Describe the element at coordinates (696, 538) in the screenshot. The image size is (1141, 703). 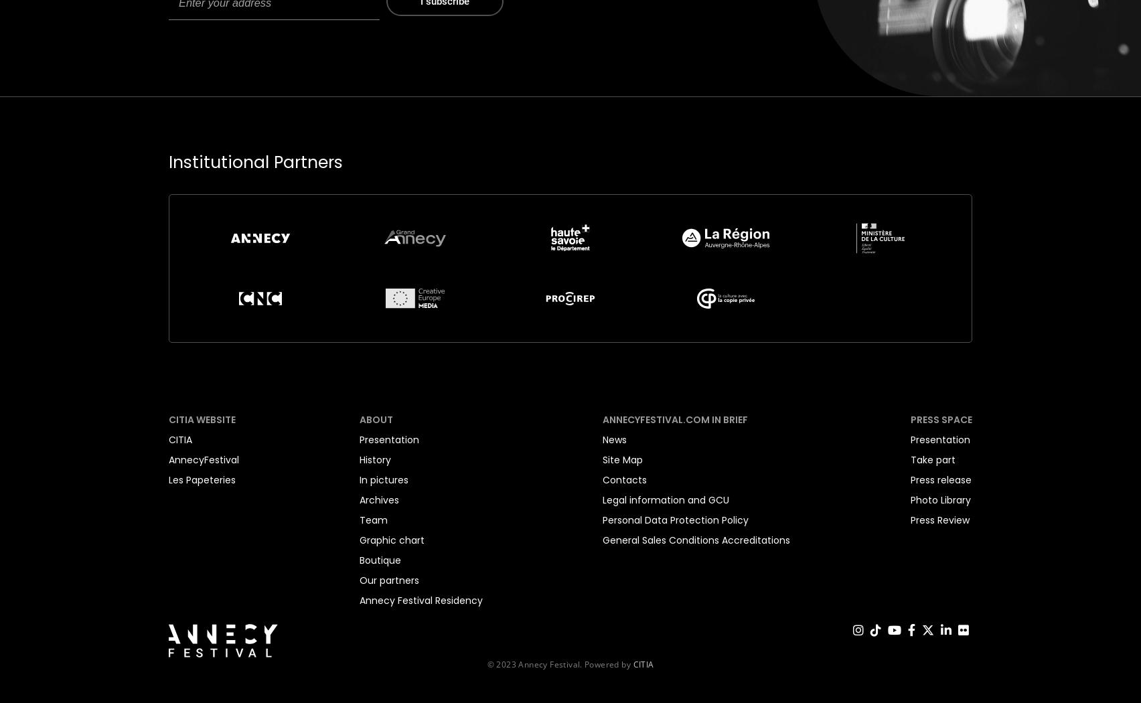
I see `'General Sales Conditions Accreditations'` at that location.